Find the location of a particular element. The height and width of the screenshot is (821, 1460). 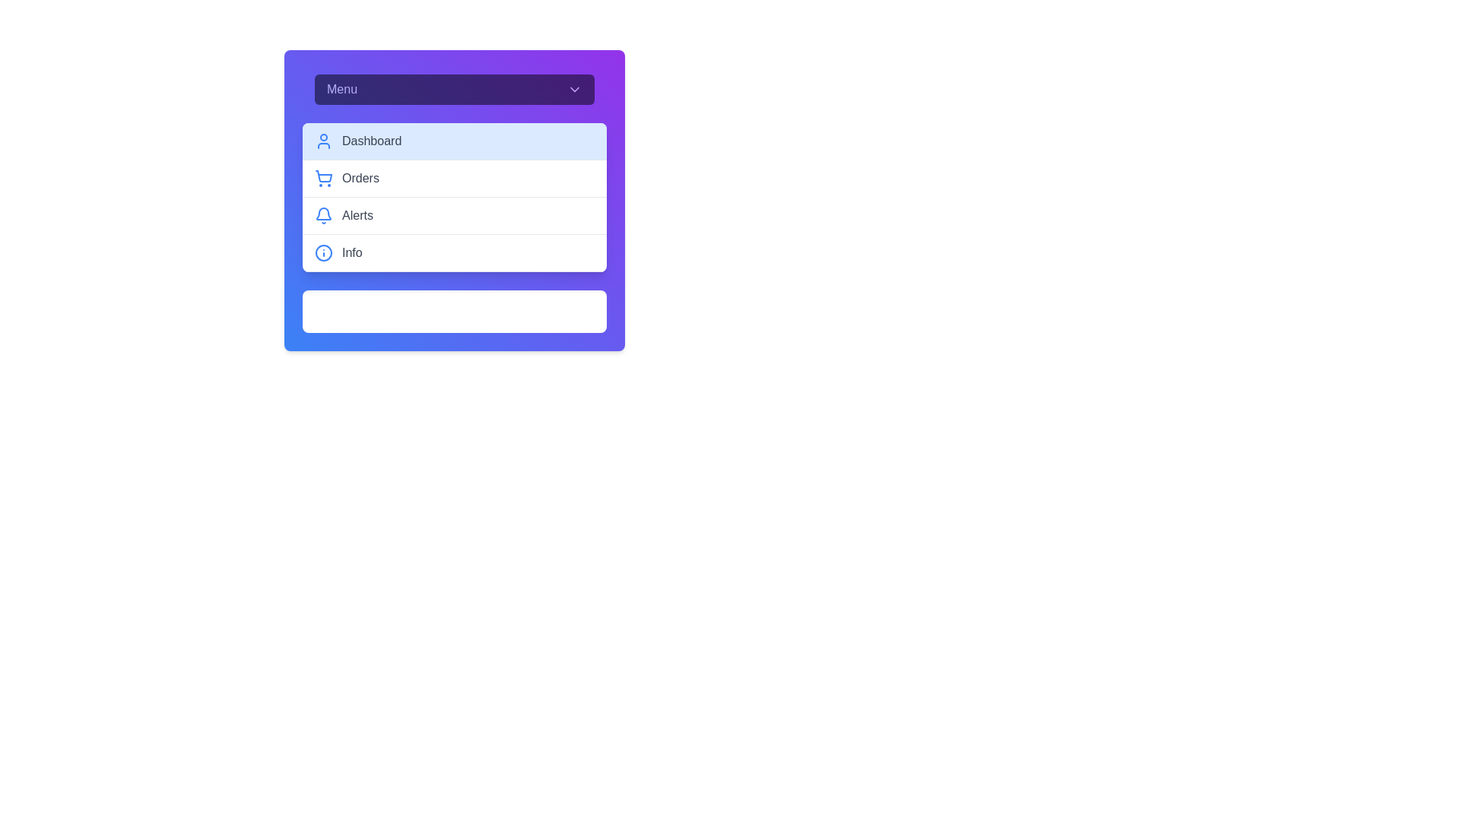

the second selectable menu item in the navigation menu is located at coordinates (454, 178).